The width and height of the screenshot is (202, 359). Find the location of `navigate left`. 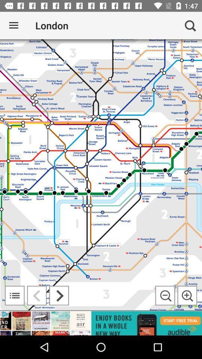

navigate left is located at coordinates (36, 295).